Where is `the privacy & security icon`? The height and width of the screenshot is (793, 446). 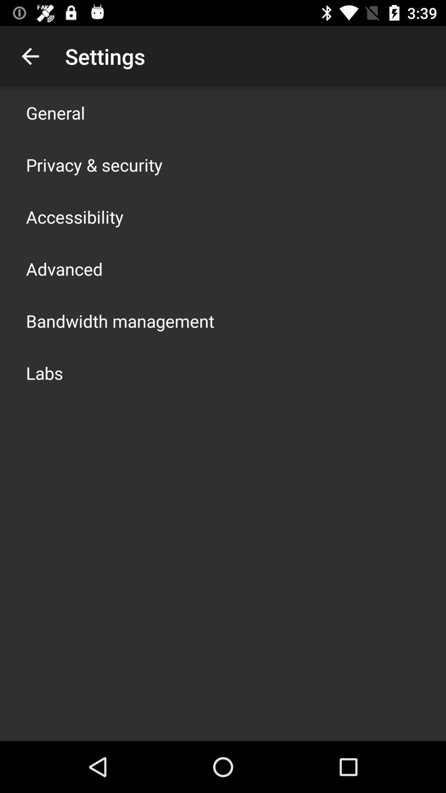 the privacy & security icon is located at coordinates (94, 164).